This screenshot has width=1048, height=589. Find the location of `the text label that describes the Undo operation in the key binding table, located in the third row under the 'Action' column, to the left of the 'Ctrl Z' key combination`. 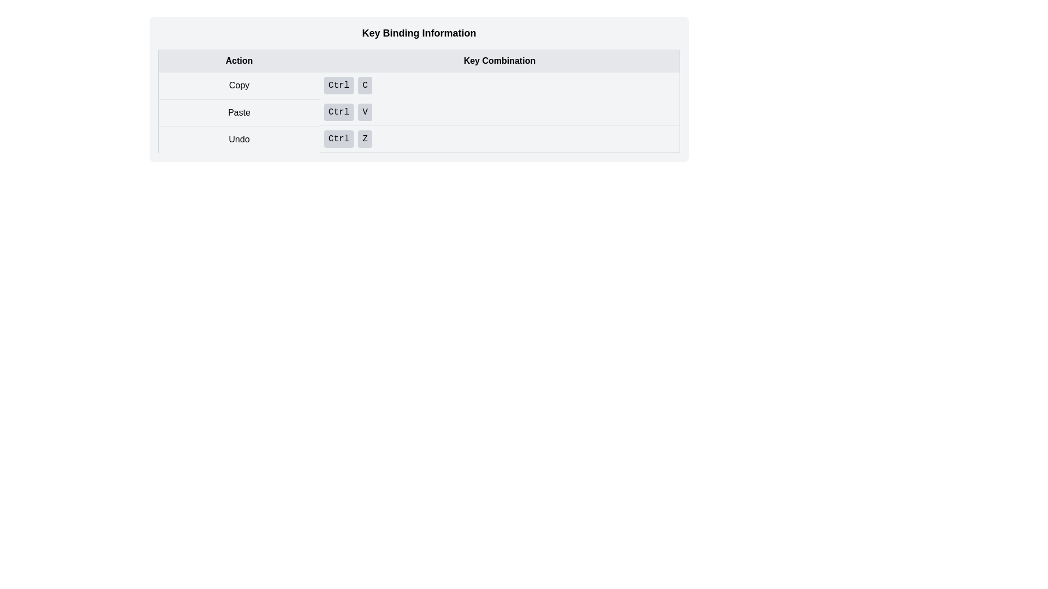

the text label that describes the Undo operation in the key binding table, located in the third row under the 'Action' column, to the left of the 'Ctrl Z' key combination is located at coordinates (239, 139).